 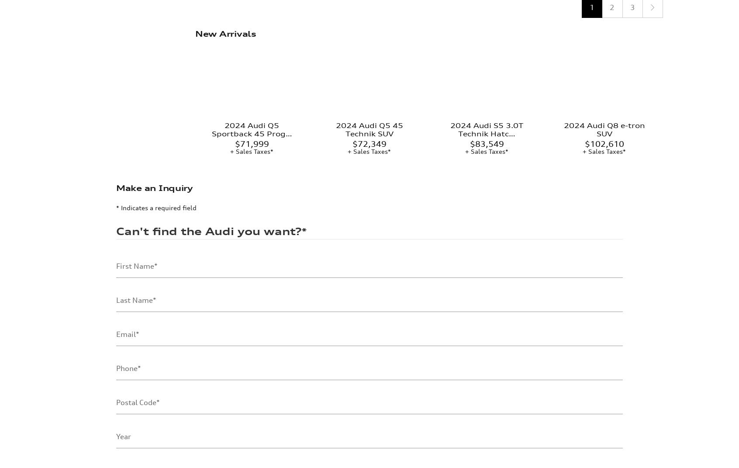 I want to click on 'Make', so click(x=116, y=400).